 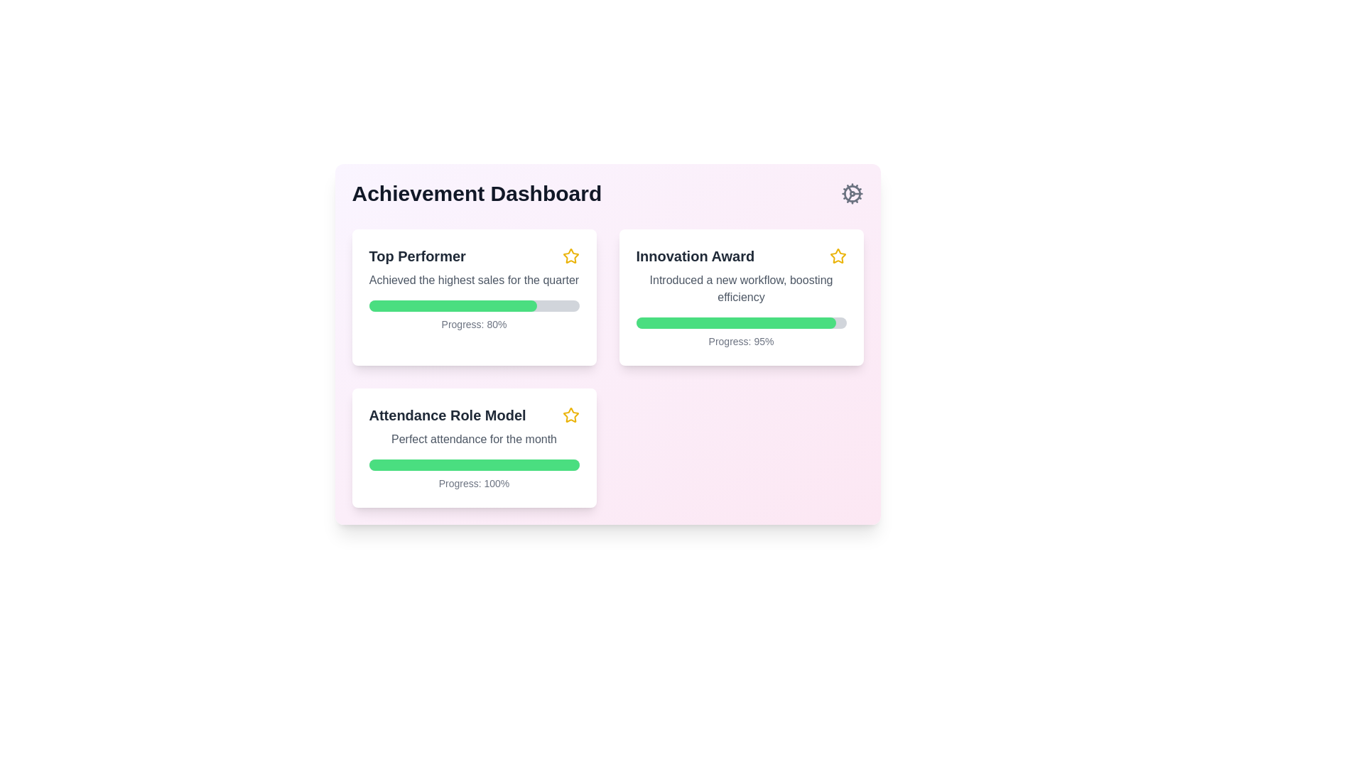 What do you see at coordinates (474, 280) in the screenshot?
I see `the static text label displaying 'Achieved the highest sales for the quarter', which is positioned below the title 'Top Performer' and above the progress bar within the 'Top Performer' card` at bounding box center [474, 280].